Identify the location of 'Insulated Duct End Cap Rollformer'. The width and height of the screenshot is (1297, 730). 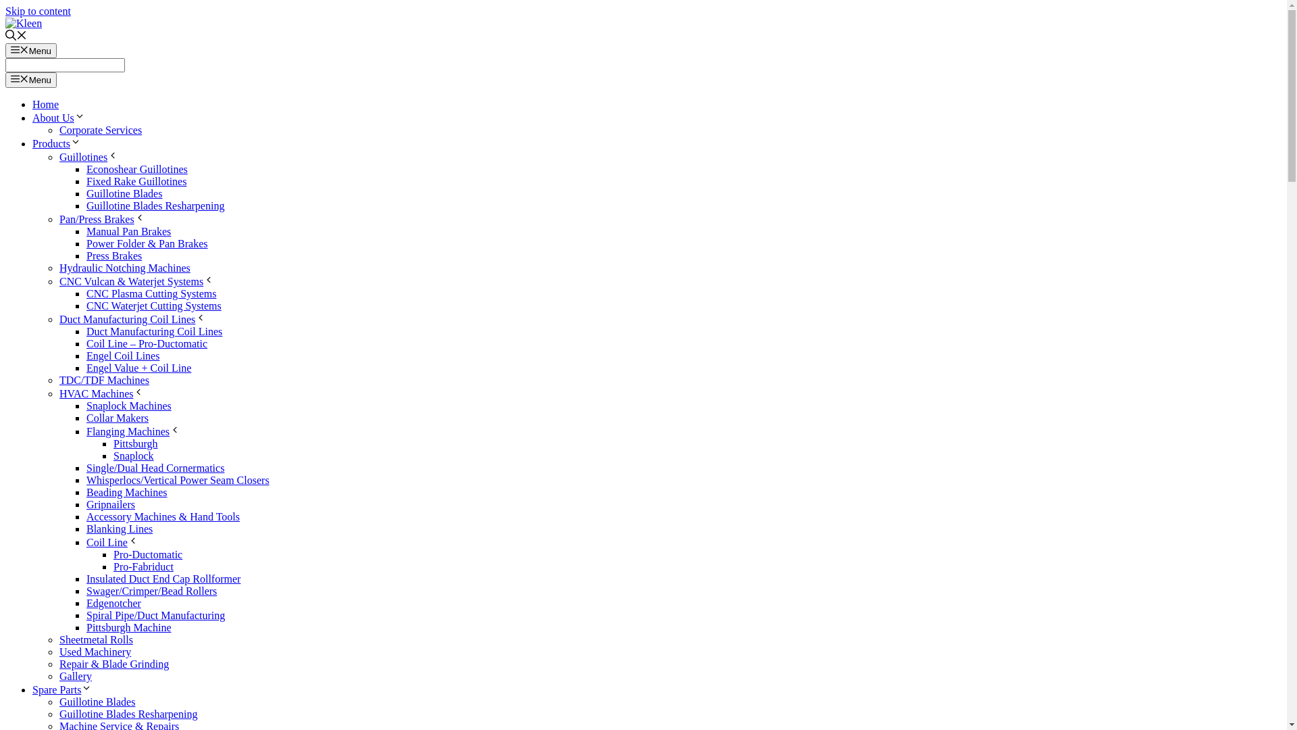
(86, 578).